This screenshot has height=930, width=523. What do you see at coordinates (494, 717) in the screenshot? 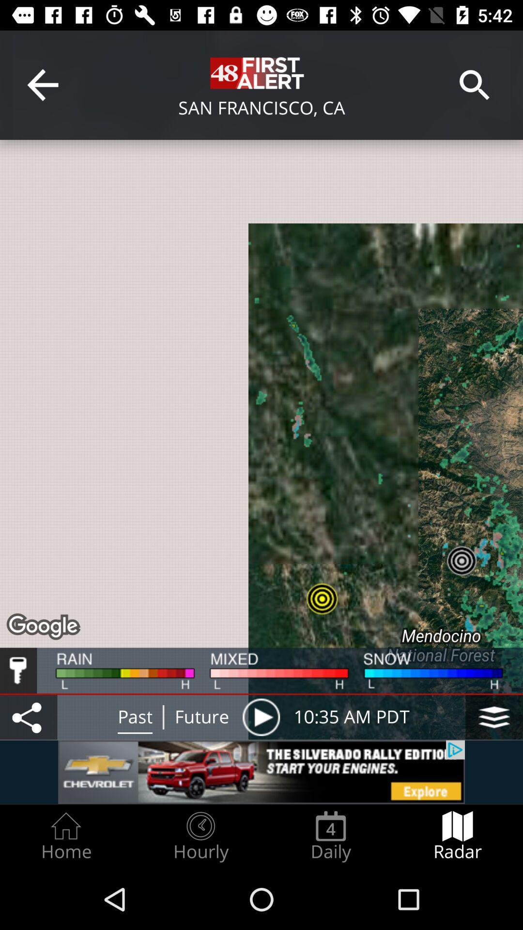
I see `the menu` at bounding box center [494, 717].